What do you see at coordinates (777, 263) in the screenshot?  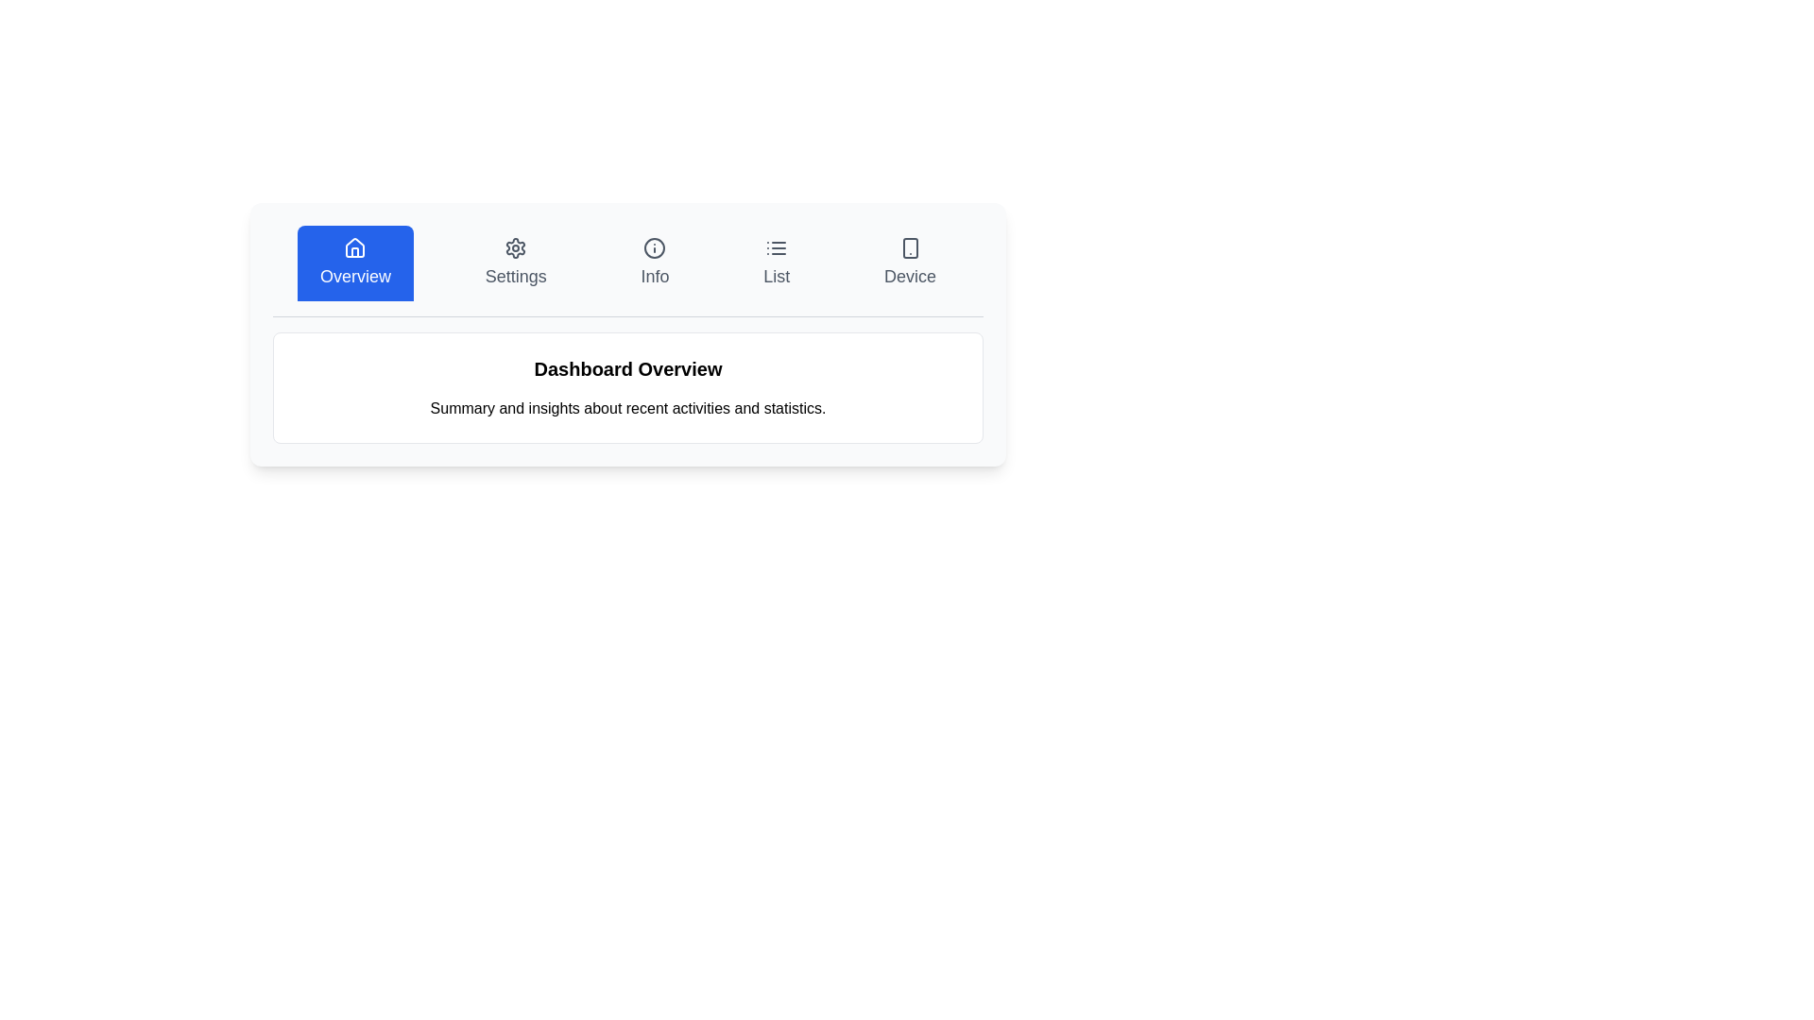 I see `the navigation button that takes users to the 'List' section` at bounding box center [777, 263].